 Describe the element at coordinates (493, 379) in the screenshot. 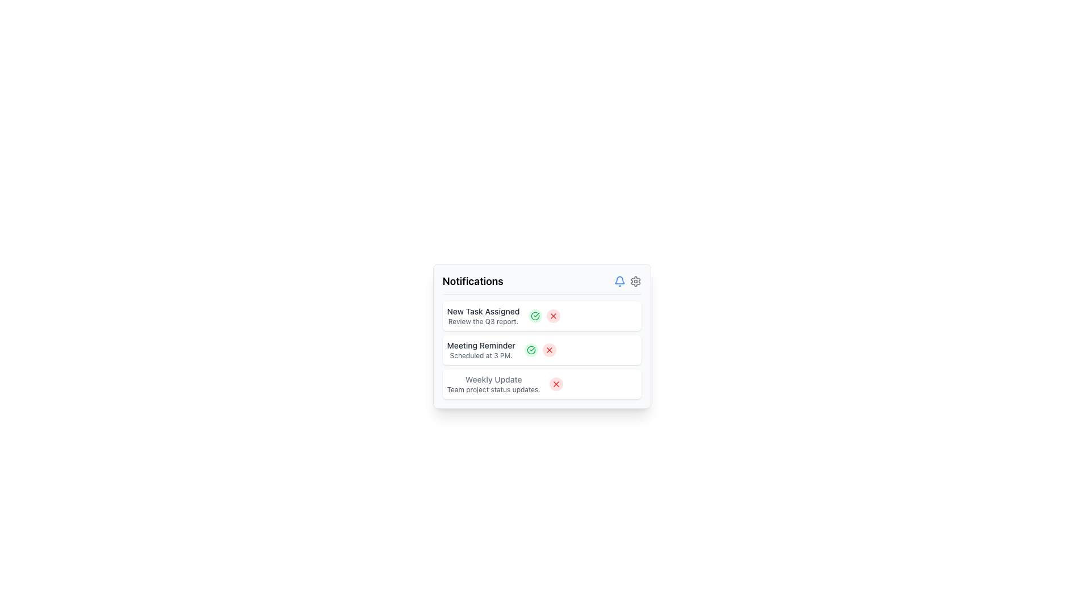

I see `text from the header of the third notification block titled 'Notifications', which describes the topic of the notification about 'Team project status updates'` at that location.